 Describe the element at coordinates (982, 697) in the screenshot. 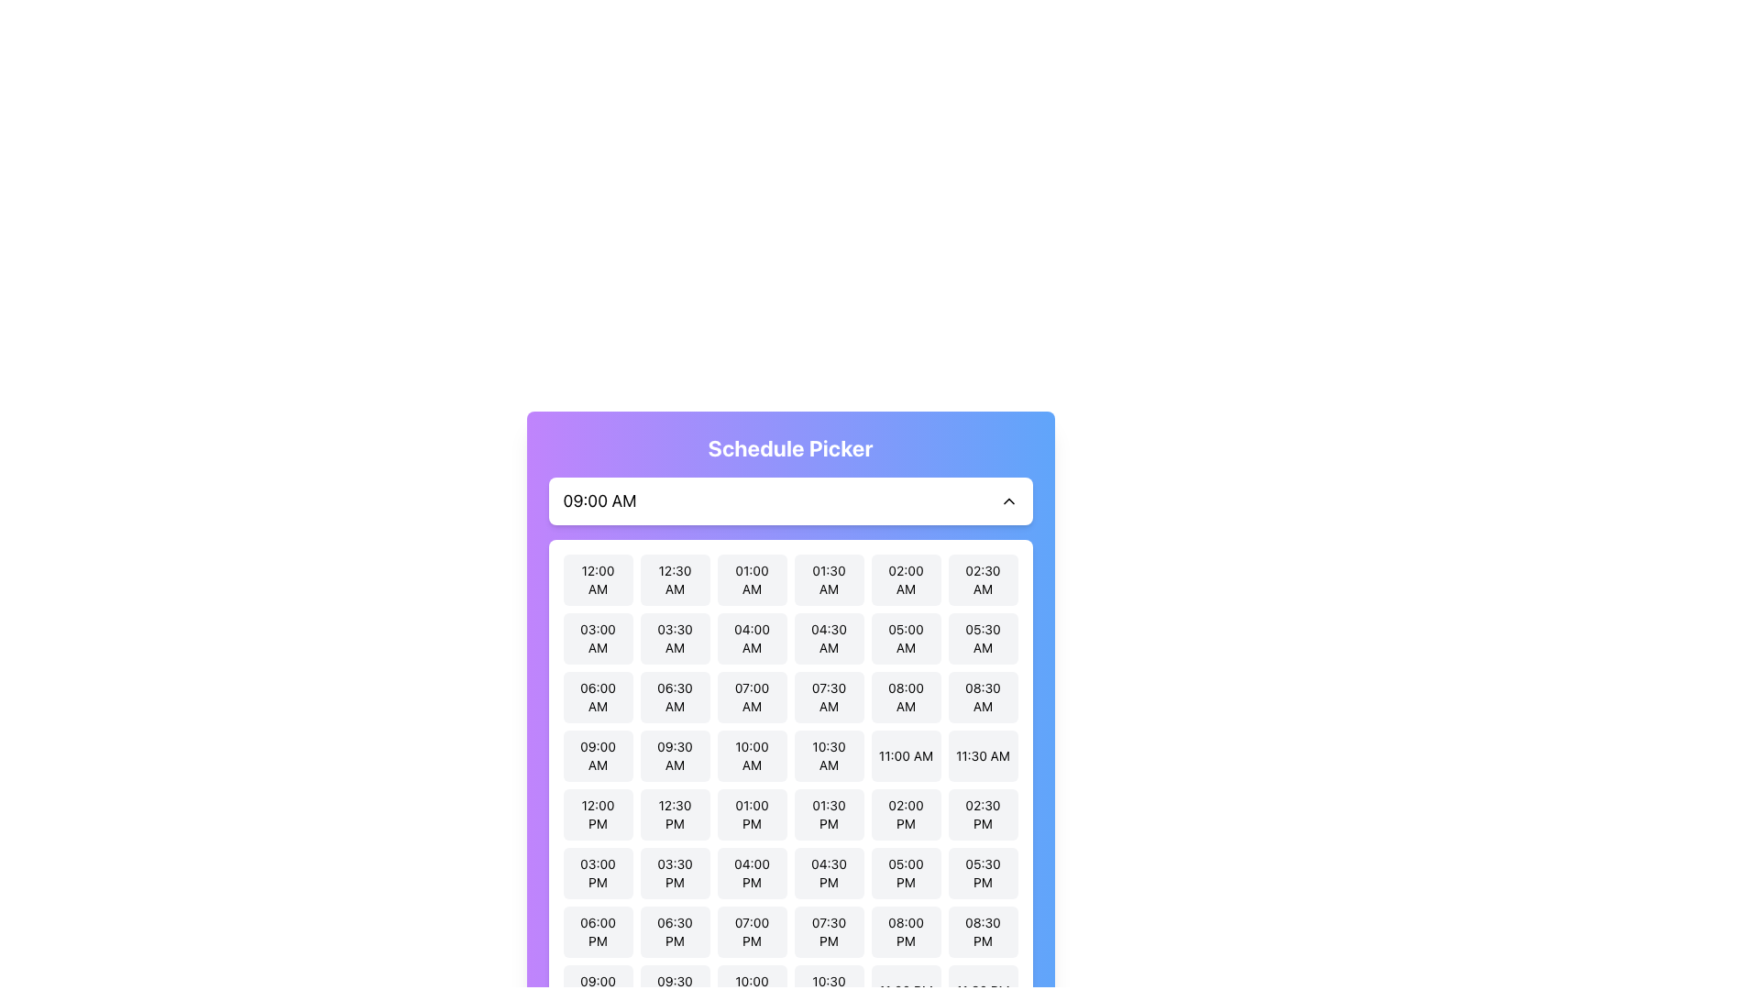

I see `the selectable time slot button for '08:30 AM' located in the sixth column of the fourth row in the grid layout` at that location.